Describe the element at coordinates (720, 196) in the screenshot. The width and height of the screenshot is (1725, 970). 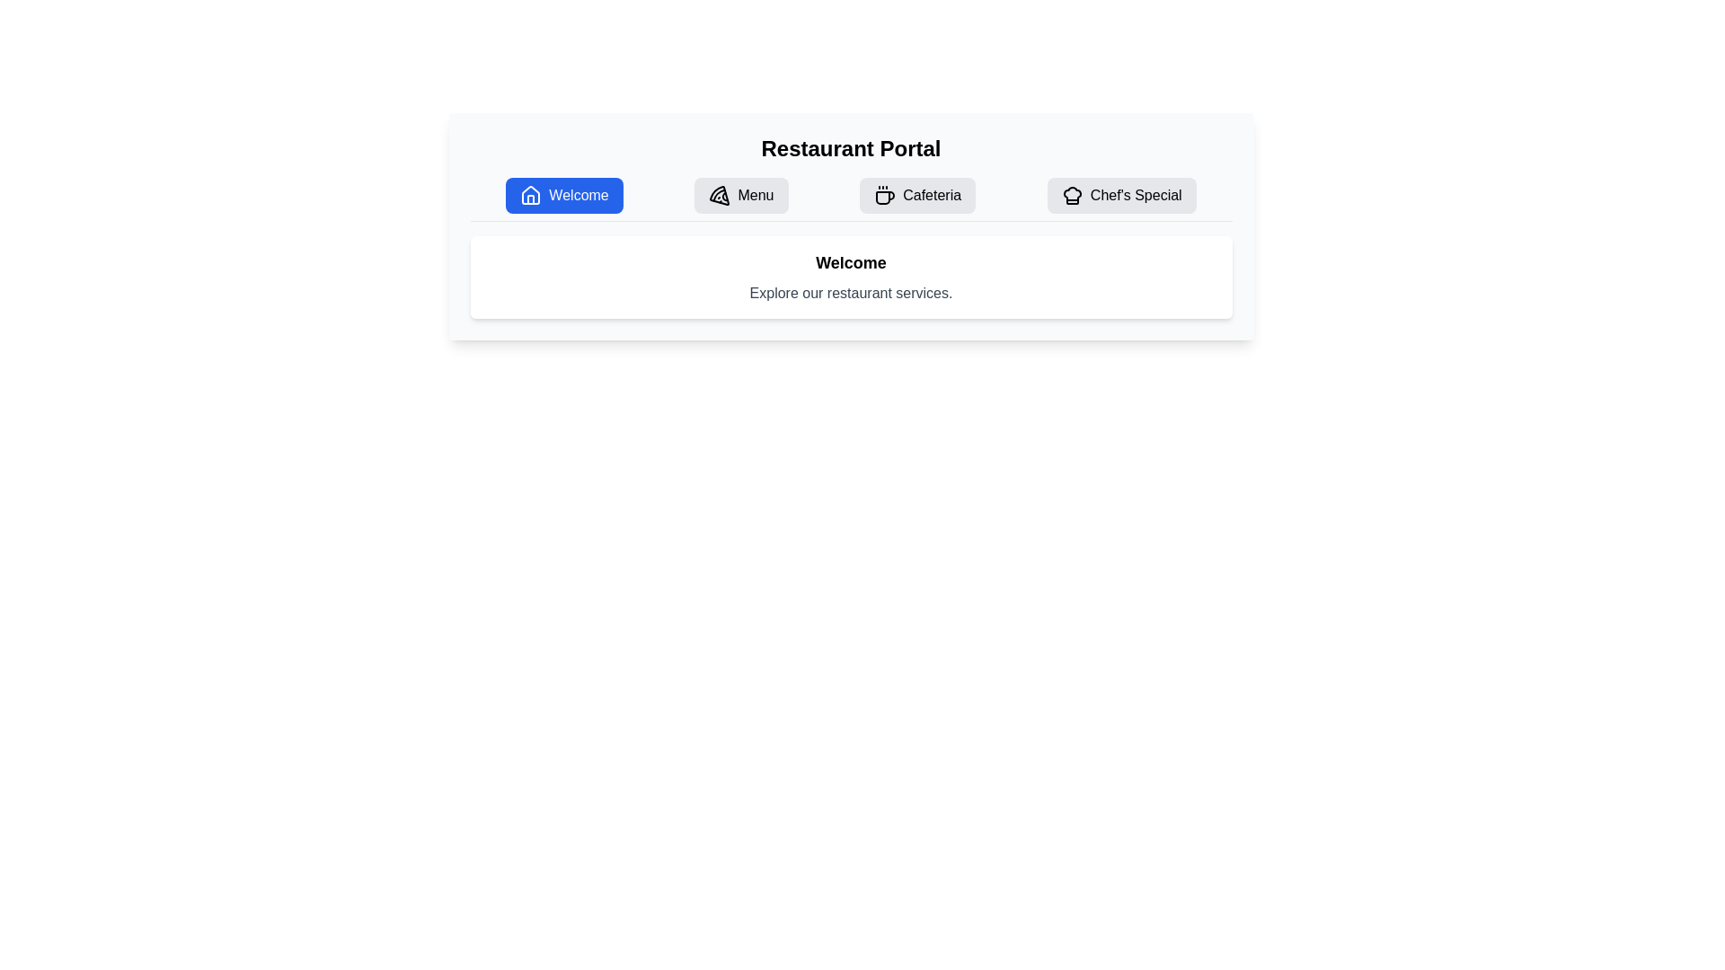
I see `the pizza slice icon within the 'Menu' button on the navigation bar, which is the second item in the list` at that location.